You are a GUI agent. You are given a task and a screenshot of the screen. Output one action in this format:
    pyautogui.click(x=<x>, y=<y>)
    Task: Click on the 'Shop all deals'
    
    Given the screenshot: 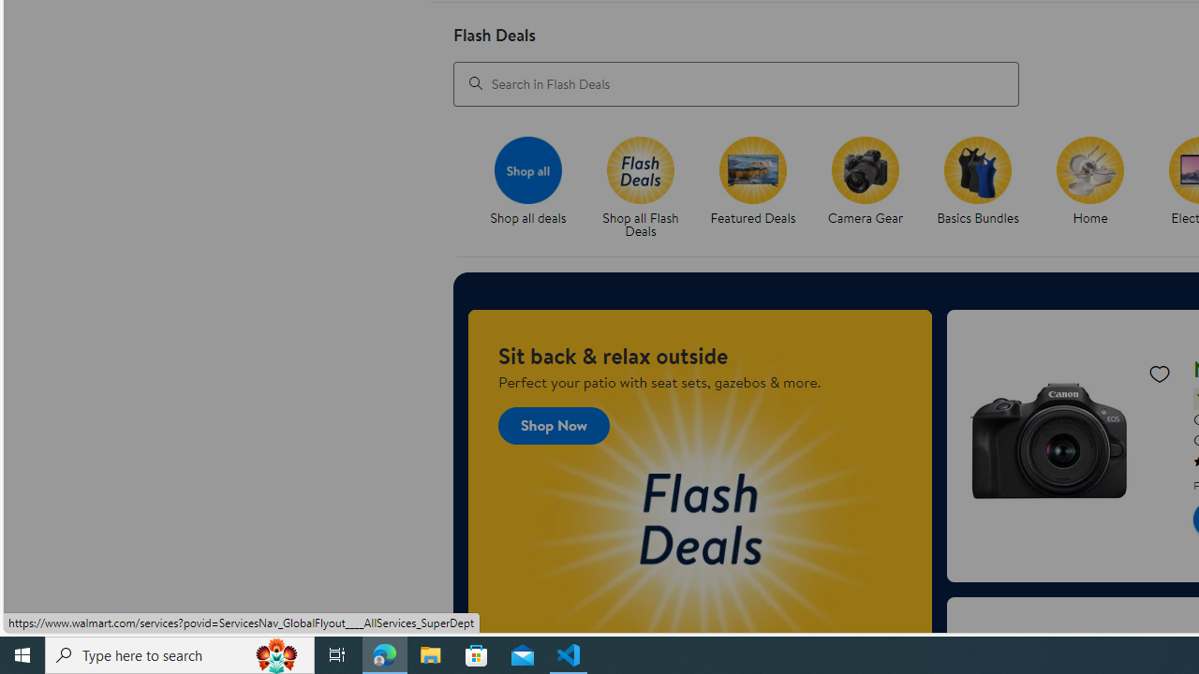 What is the action you would take?
    pyautogui.click(x=535, y=188)
    